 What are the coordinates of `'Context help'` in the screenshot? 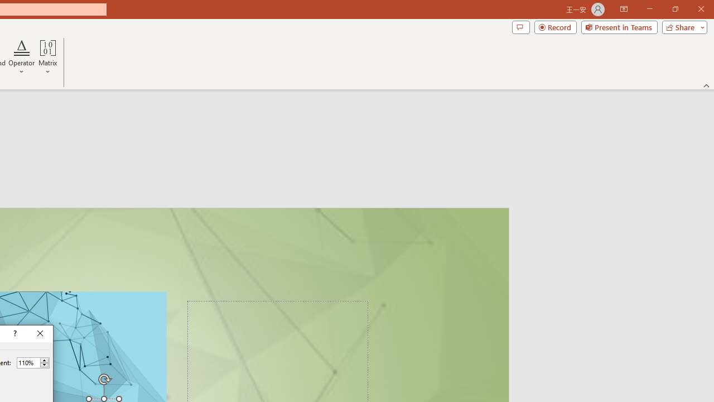 It's located at (14, 333).